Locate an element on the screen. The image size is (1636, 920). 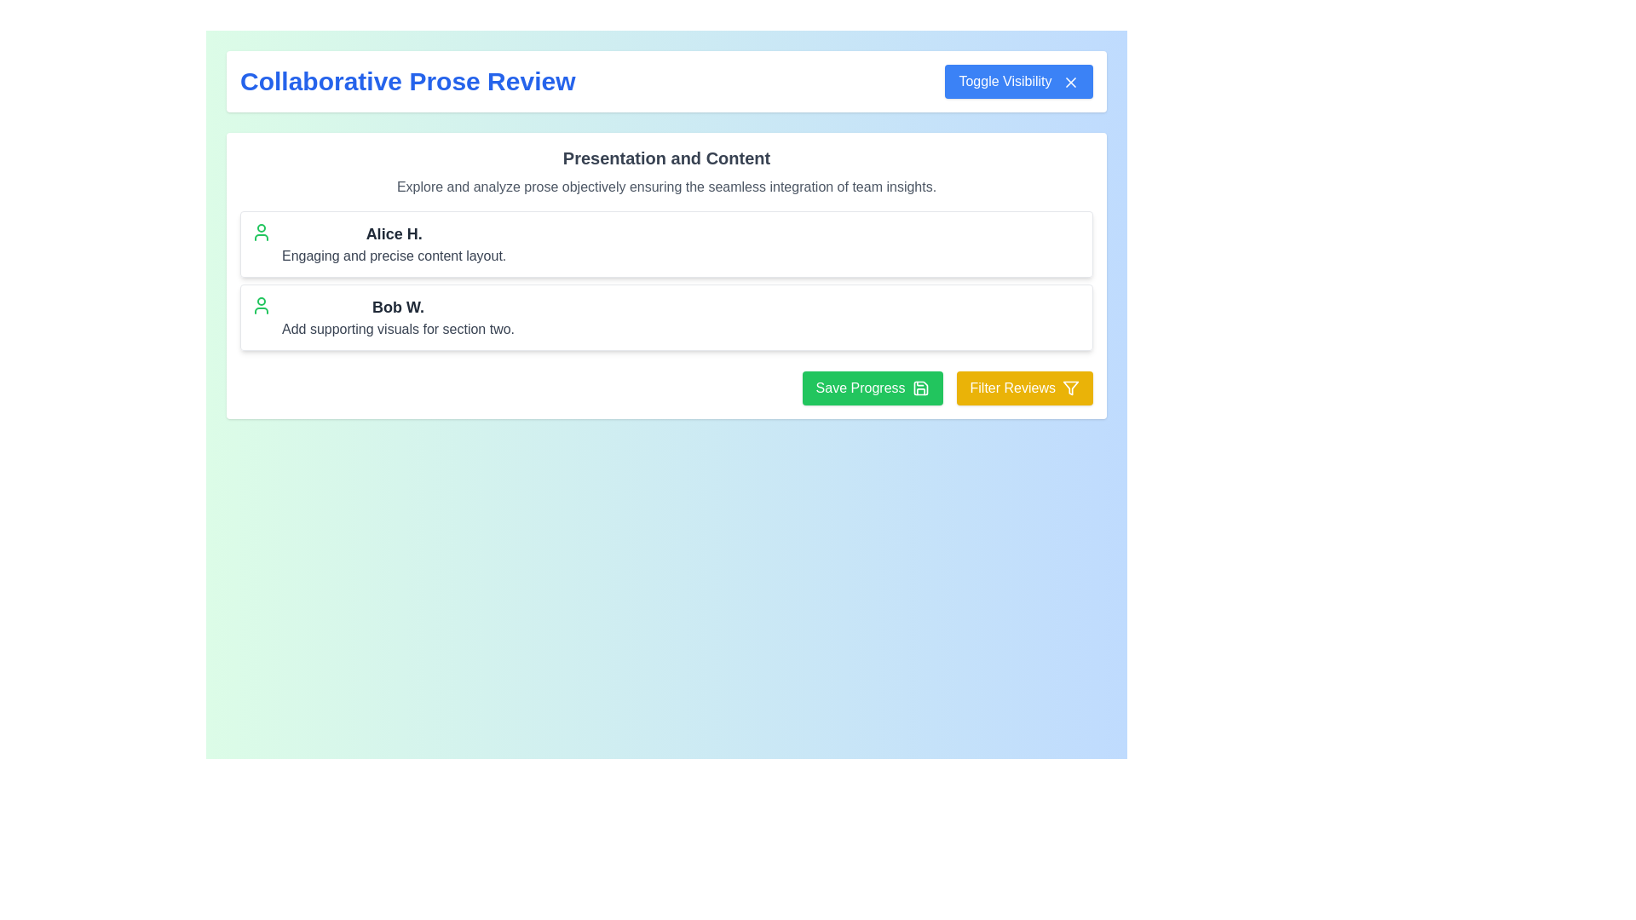
the filtering icon, which is a 24x24 SVG icon styled as a filter located to the right of the 'Filter Reviews' button in the bottom-right corner of the interface is located at coordinates (1070, 388).